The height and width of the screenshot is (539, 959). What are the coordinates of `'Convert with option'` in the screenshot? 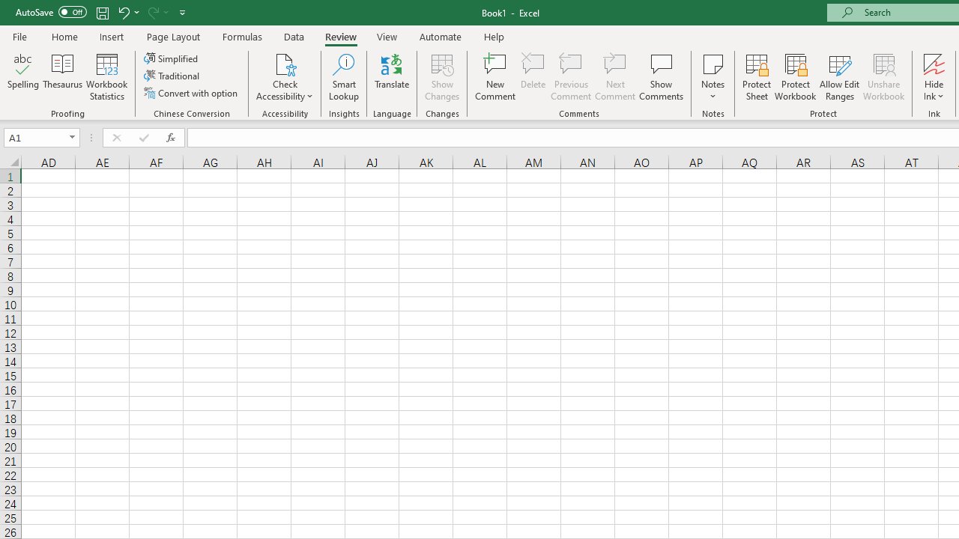 It's located at (191, 93).